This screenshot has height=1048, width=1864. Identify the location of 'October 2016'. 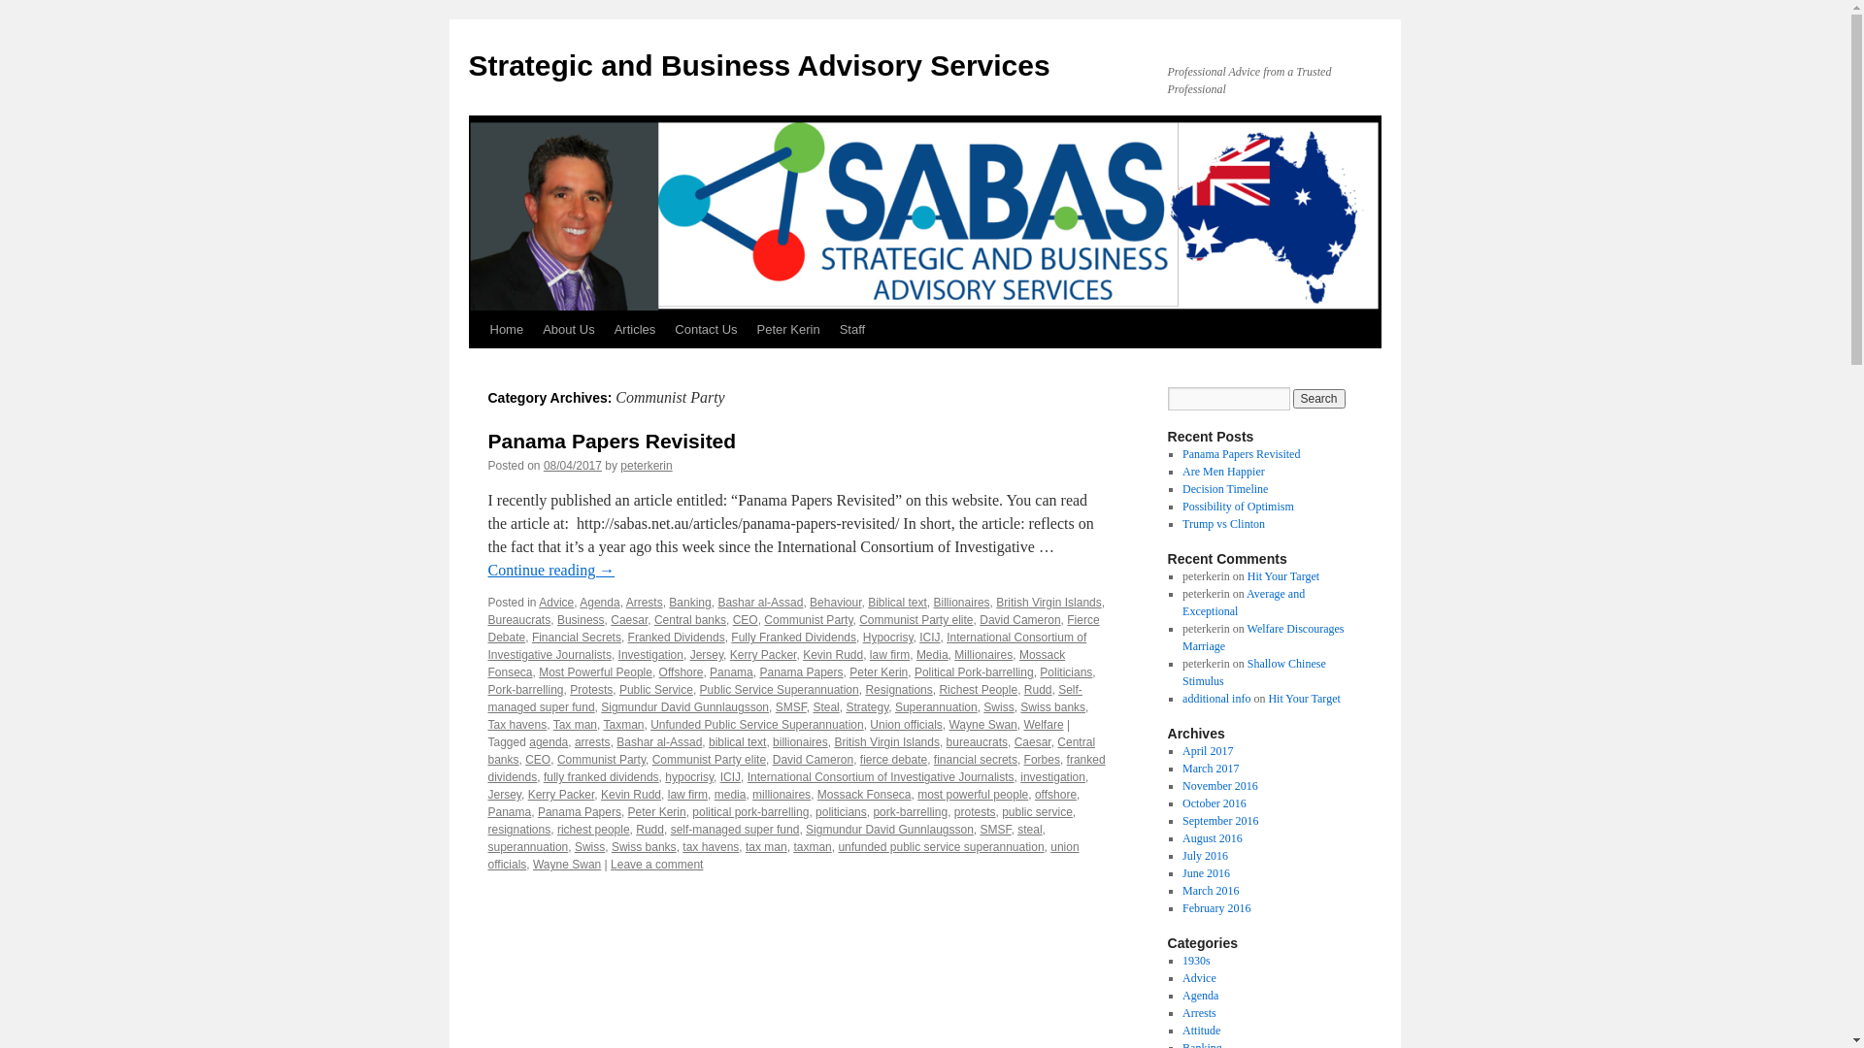
(1182, 803).